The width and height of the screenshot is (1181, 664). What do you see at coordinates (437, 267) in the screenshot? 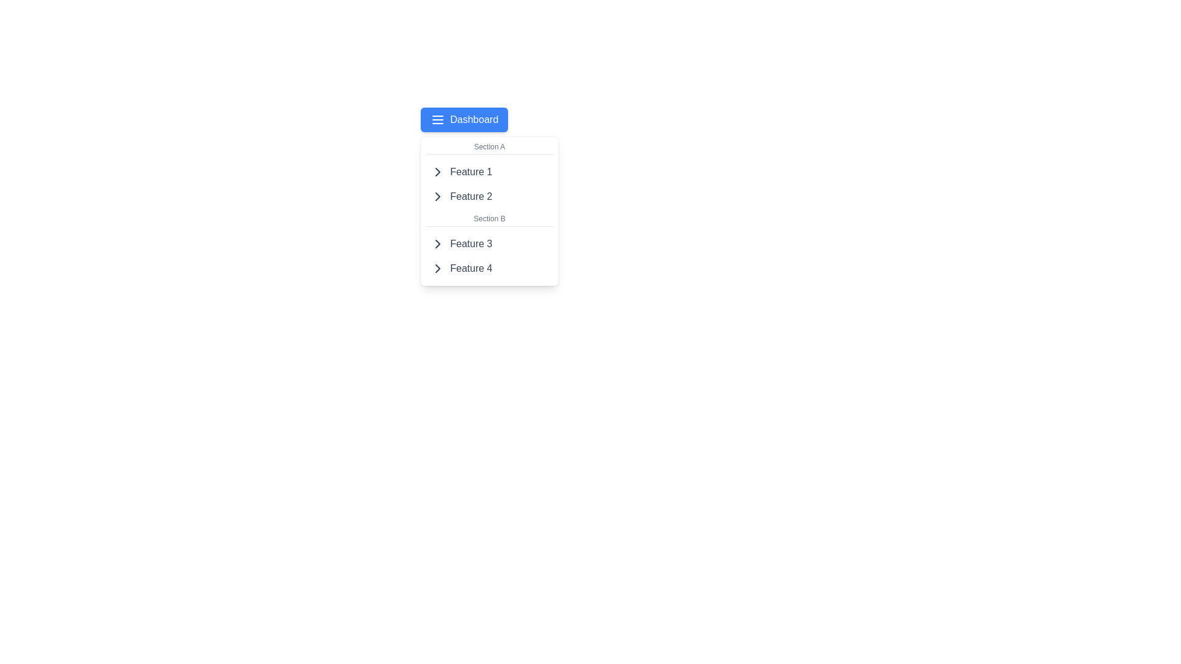
I see `the chevron icon associated with the 'Feature 4' label` at bounding box center [437, 267].